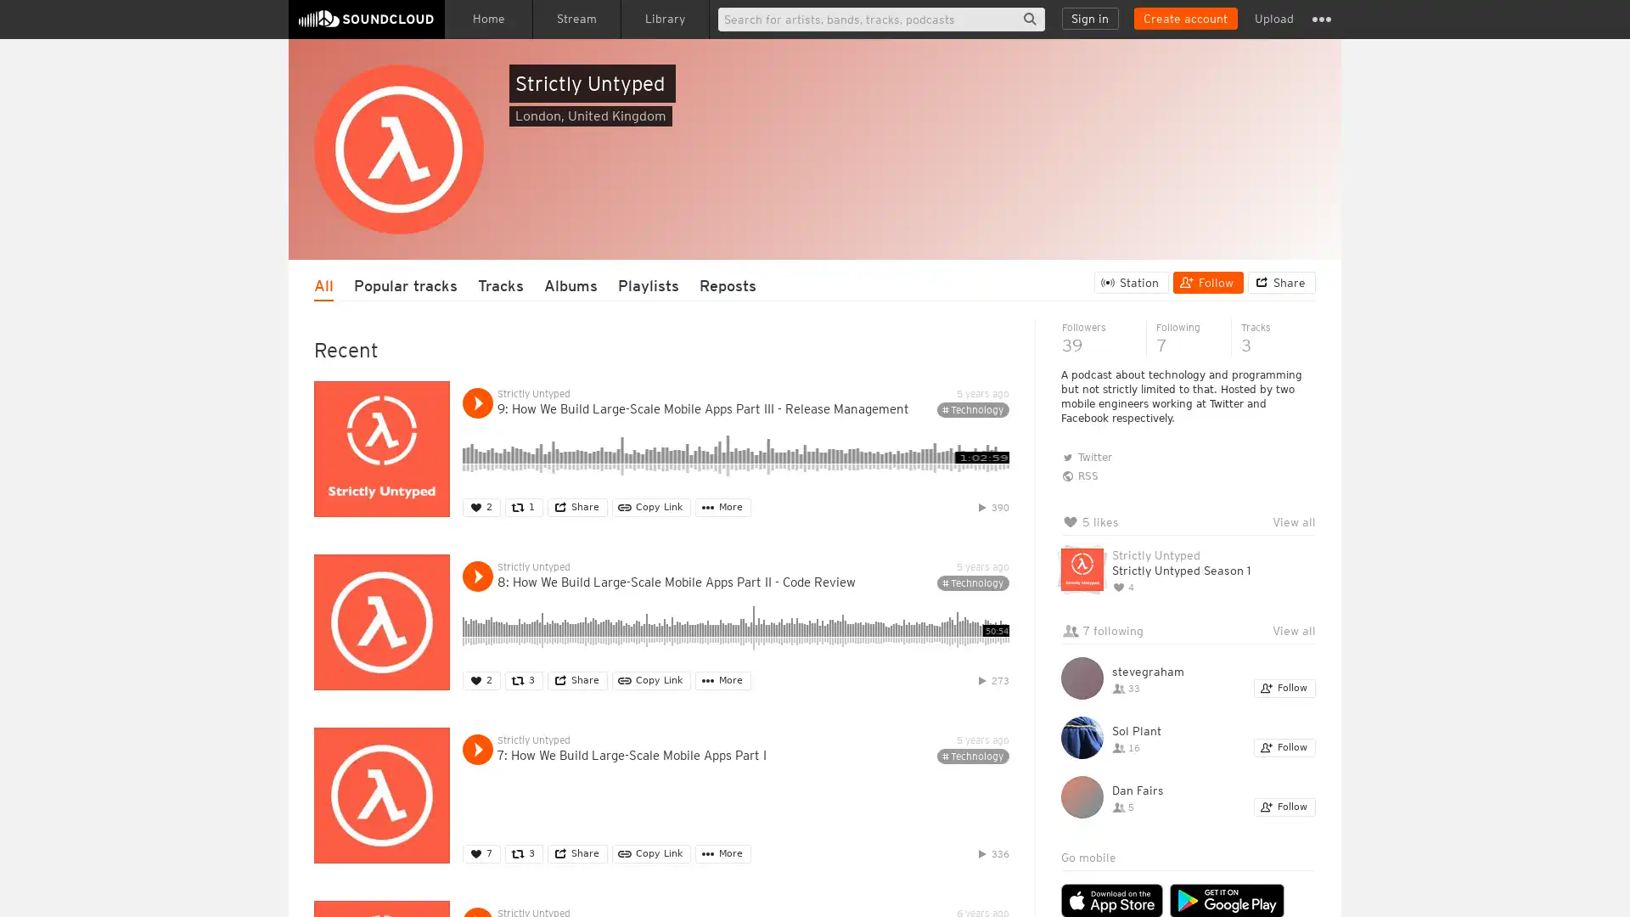  What do you see at coordinates (476, 402) in the screenshot?
I see `Play` at bounding box center [476, 402].